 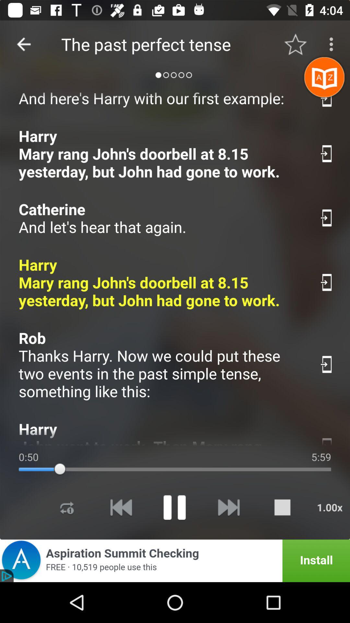 I want to click on advertisement, so click(x=175, y=560).